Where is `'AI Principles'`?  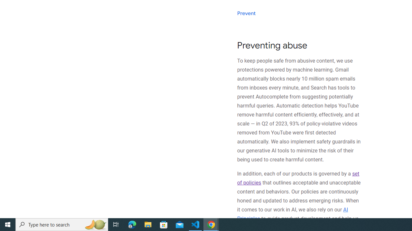 'AI Principles' is located at coordinates (292, 214).